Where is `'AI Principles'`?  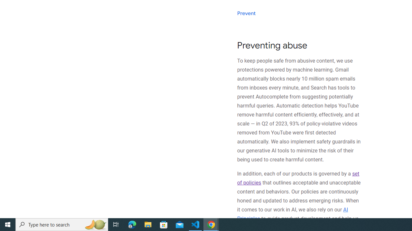 'AI Principles' is located at coordinates (292, 214).